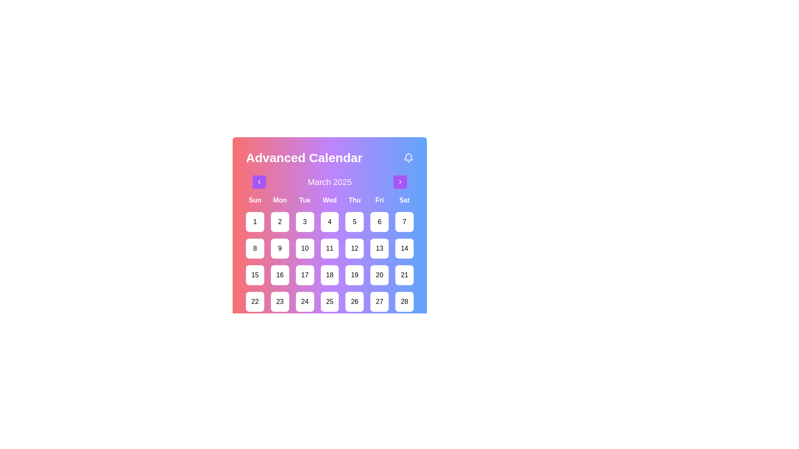 The width and height of the screenshot is (799, 449). I want to click on the clickable calendar date cell representing the date '13', which is a rectangular button with a white background and rounded corners, so click(379, 248).